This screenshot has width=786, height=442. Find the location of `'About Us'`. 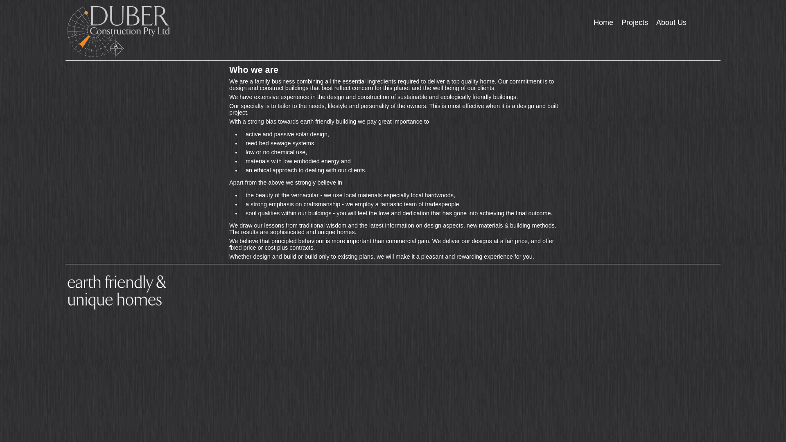

'About Us' is located at coordinates (652, 22).